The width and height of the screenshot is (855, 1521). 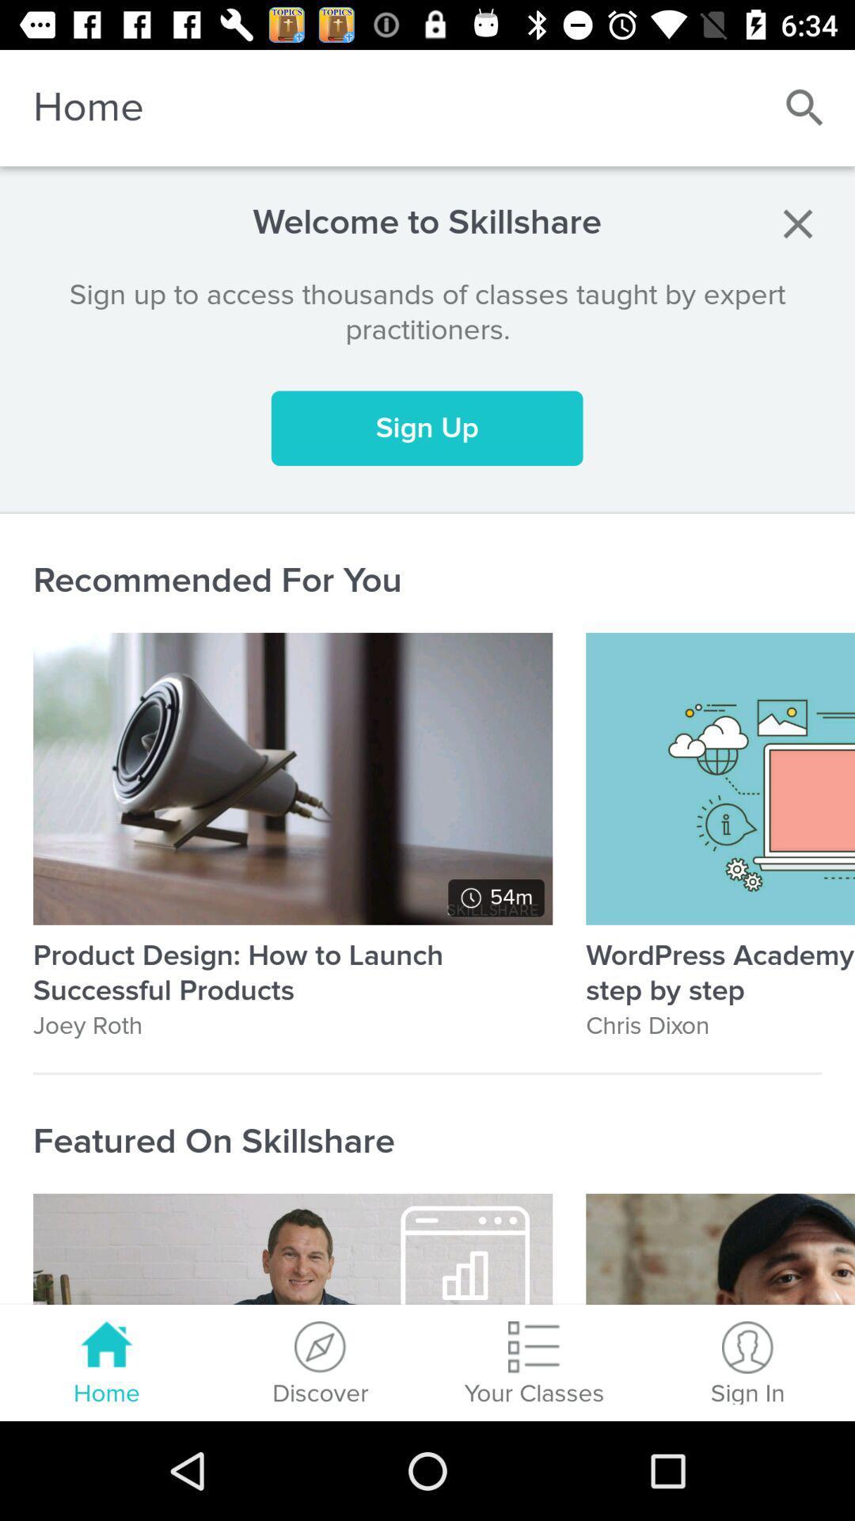 I want to click on item next to home, so click(x=805, y=107).